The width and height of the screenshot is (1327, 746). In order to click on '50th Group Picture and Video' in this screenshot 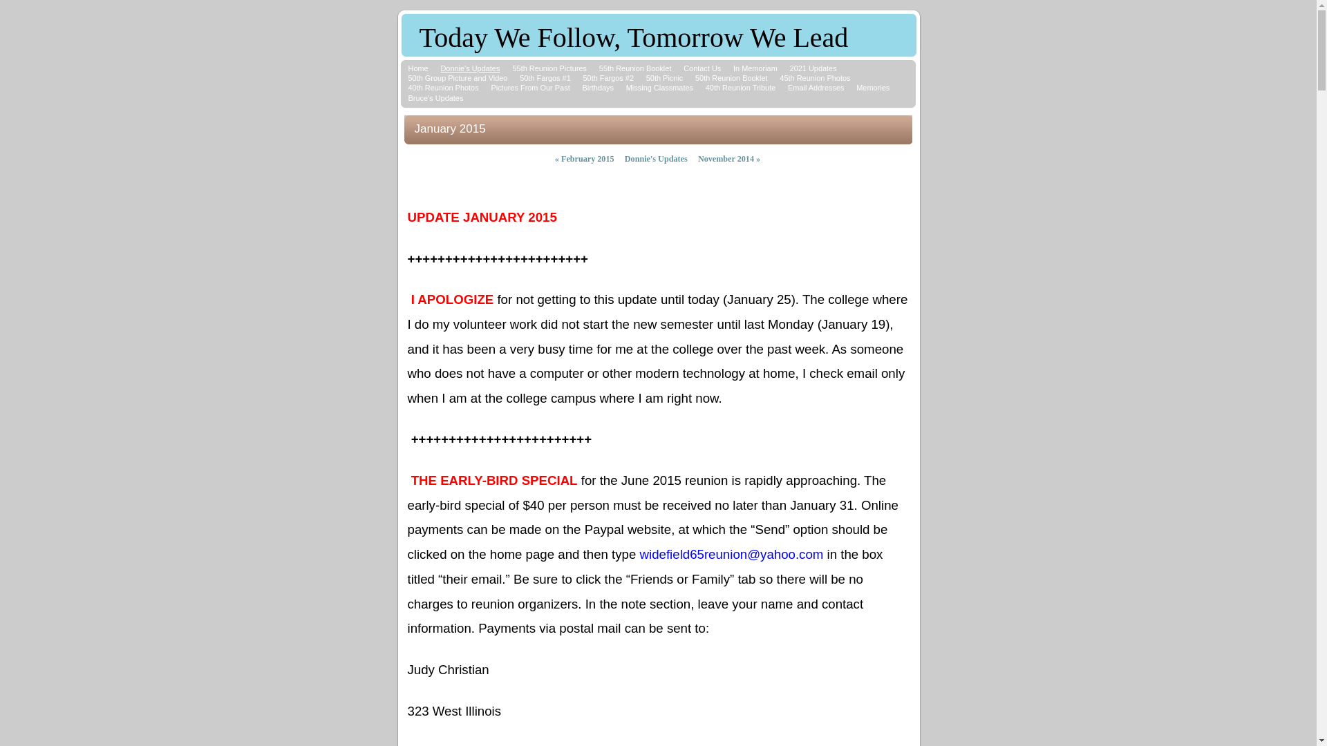, I will do `click(458, 77)`.